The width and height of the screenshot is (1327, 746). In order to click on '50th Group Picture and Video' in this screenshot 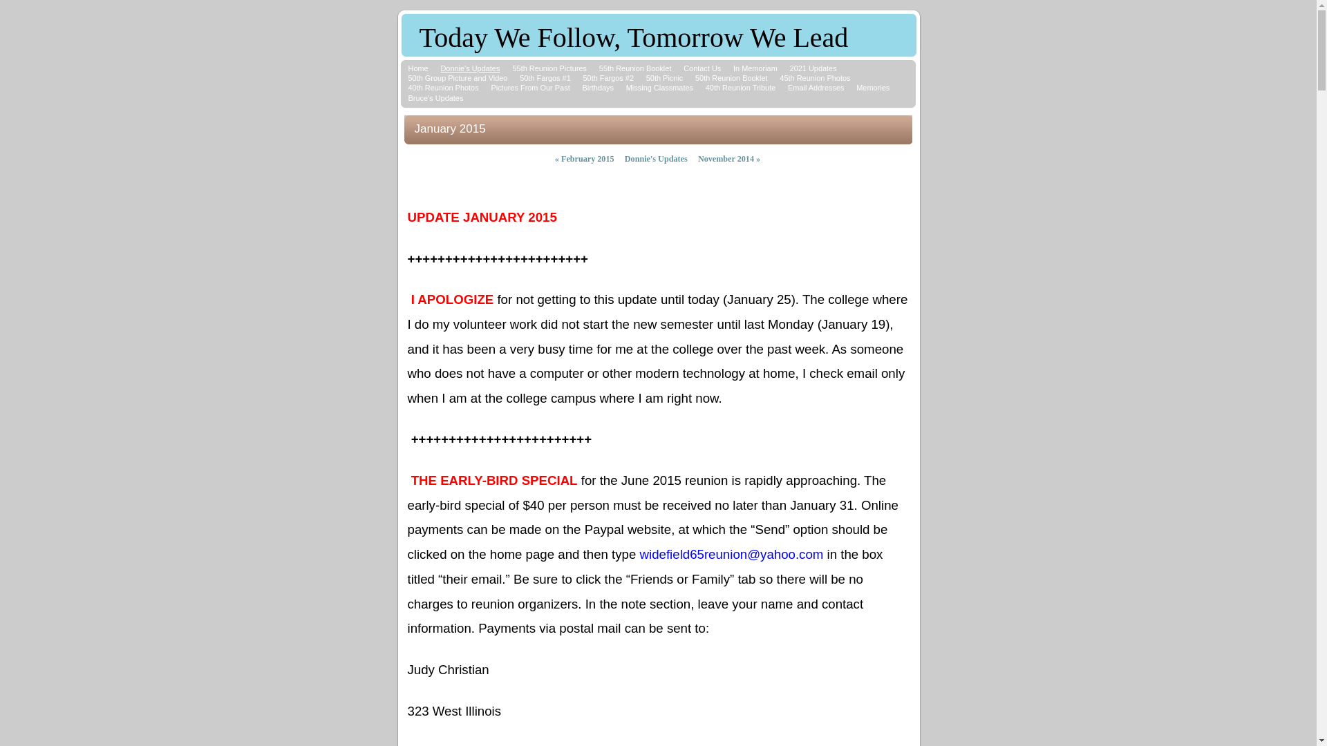, I will do `click(458, 77)`.